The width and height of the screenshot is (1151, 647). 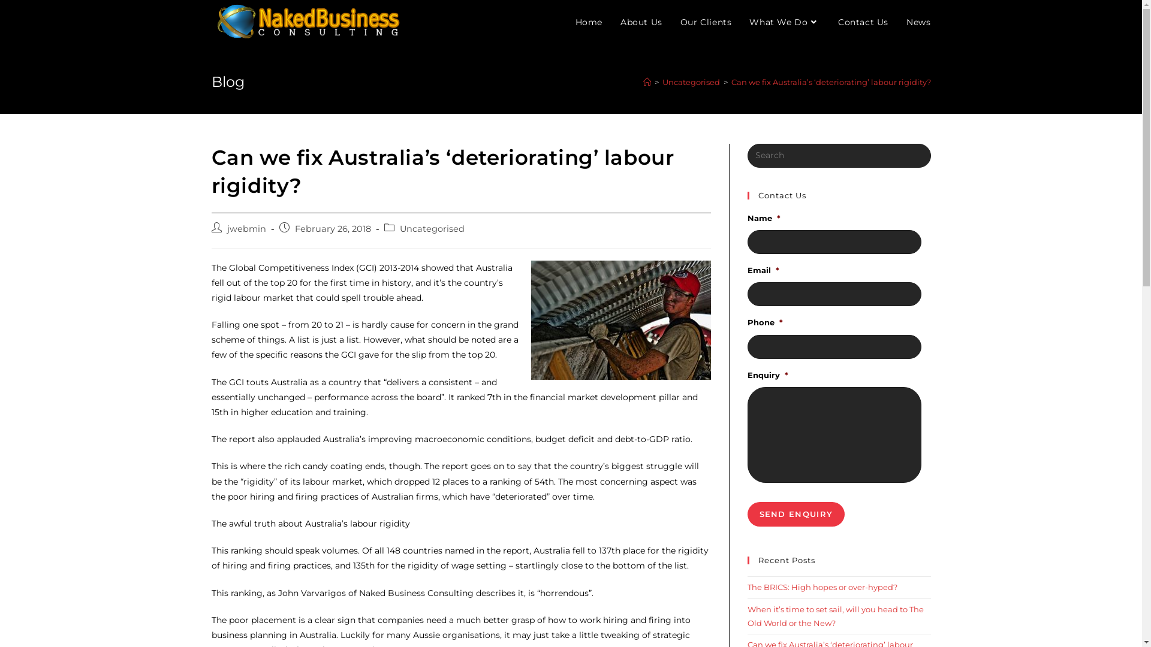 I want to click on 'What We Do', so click(x=739, y=22).